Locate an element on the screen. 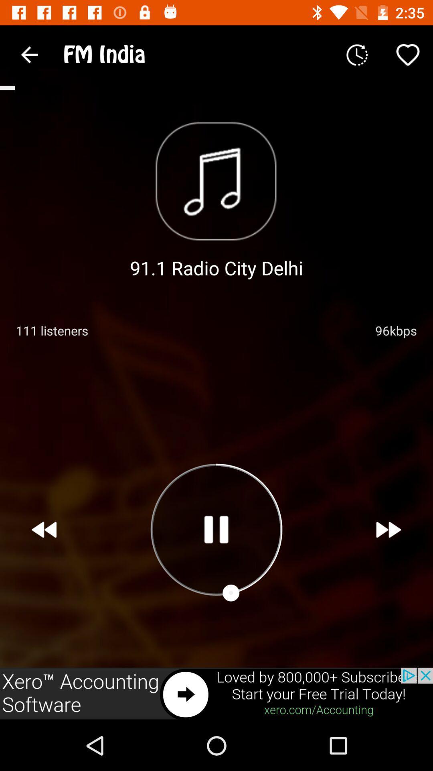 The image size is (433, 771). the av_forward icon is located at coordinates (388, 530).